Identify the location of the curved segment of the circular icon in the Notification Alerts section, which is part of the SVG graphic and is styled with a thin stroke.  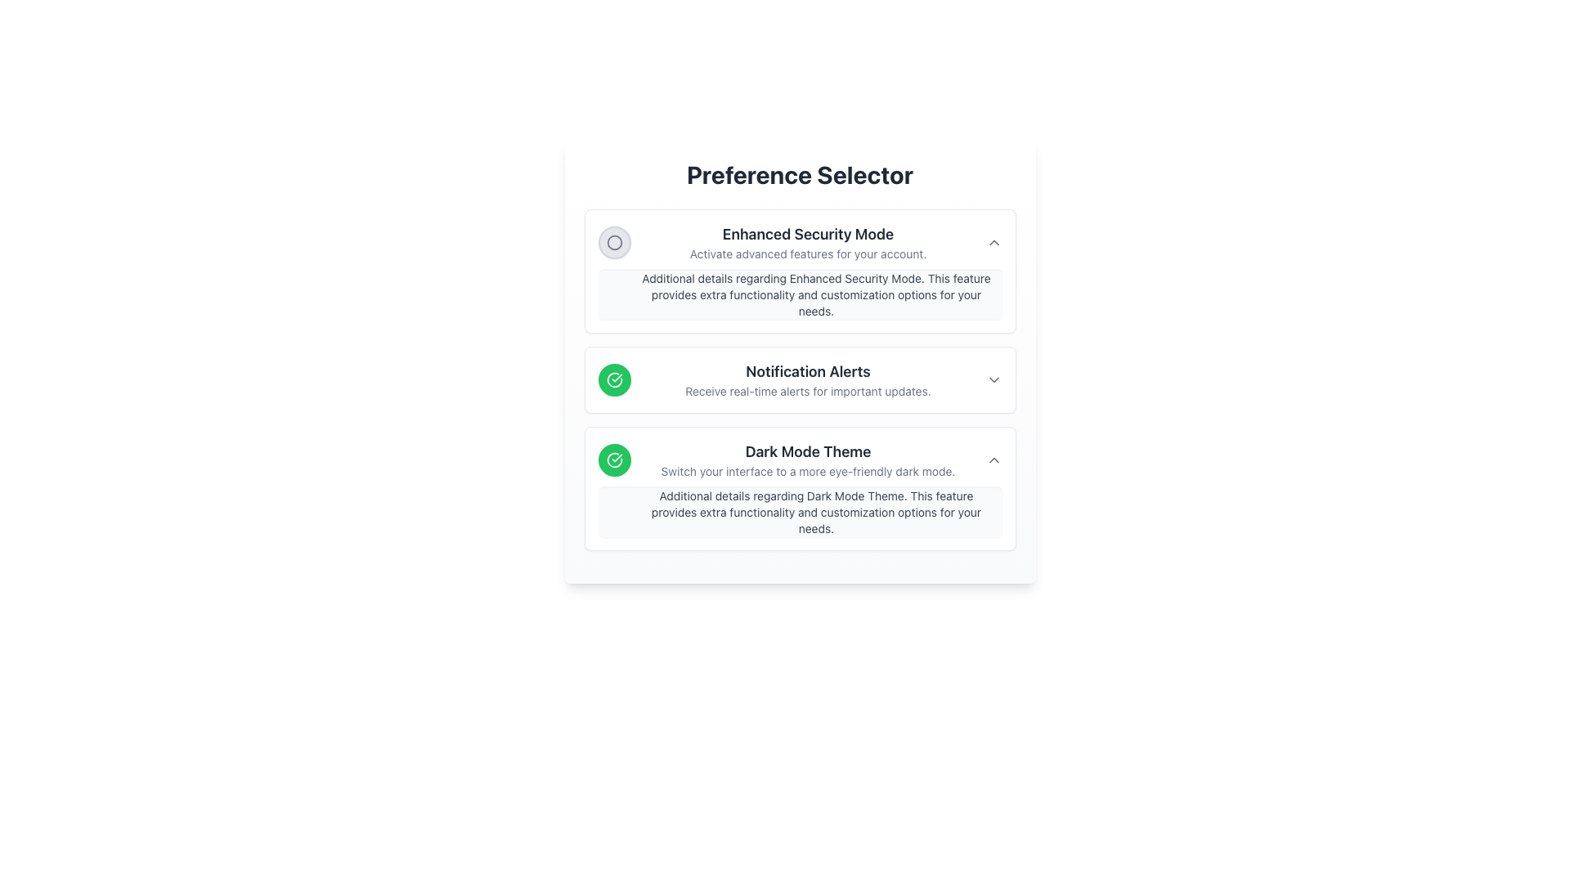
(613, 460).